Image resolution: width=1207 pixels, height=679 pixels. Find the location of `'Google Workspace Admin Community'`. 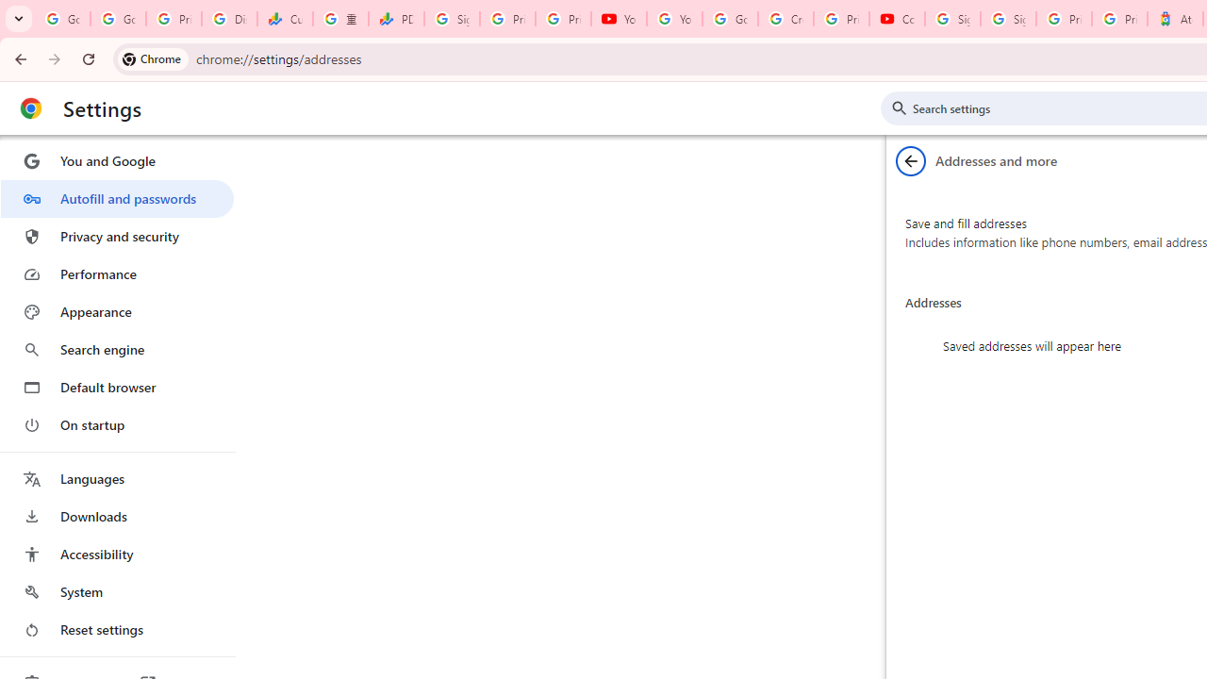

'Google Workspace Admin Community' is located at coordinates (62, 19).